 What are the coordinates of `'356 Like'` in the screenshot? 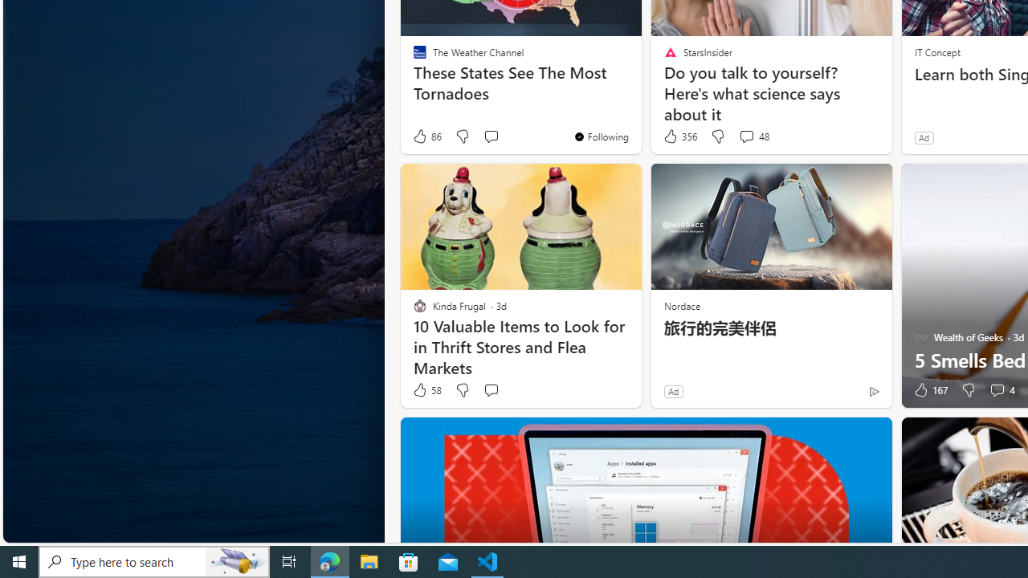 It's located at (679, 136).